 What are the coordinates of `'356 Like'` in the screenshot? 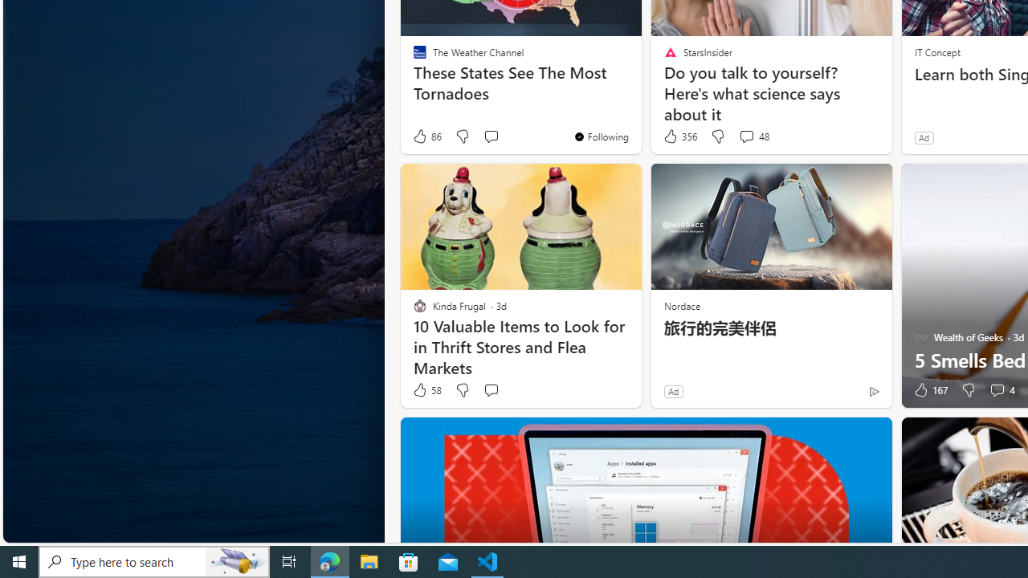 It's located at (679, 136).